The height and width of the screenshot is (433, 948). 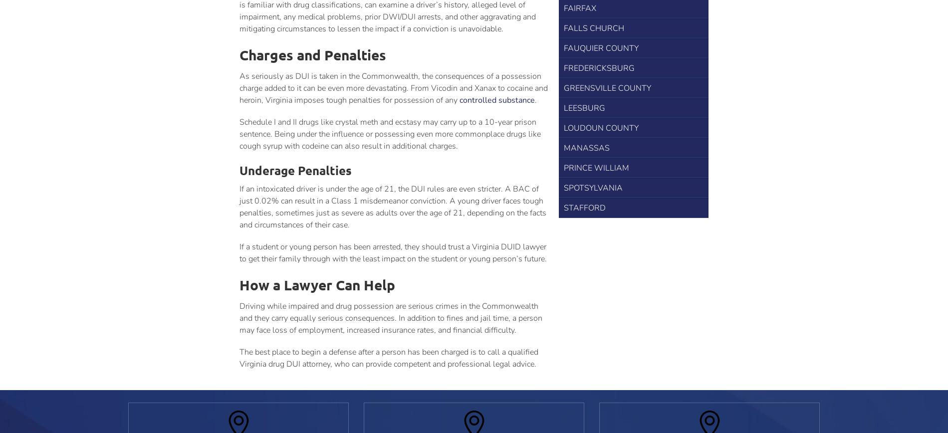 What do you see at coordinates (388, 358) in the screenshot?
I see `'The best place to begin a defense after a person has been charged is to call a qualified Virginia drug DUI attorney, who can provide competent and professional legal advice.'` at bounding box center [388, 358].